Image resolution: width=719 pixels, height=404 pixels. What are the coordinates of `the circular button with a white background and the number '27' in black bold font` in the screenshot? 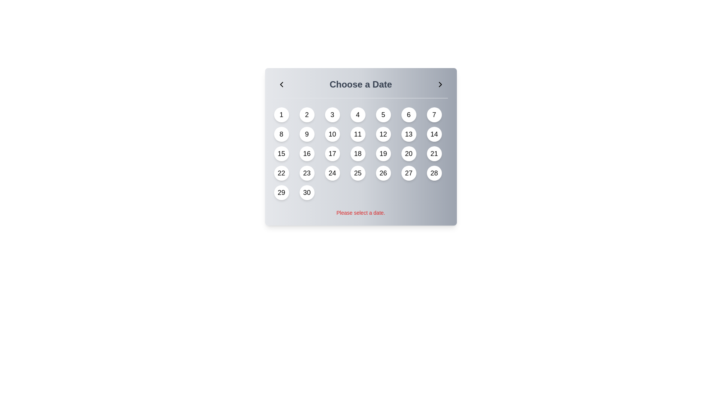 It's located at (408, 173).